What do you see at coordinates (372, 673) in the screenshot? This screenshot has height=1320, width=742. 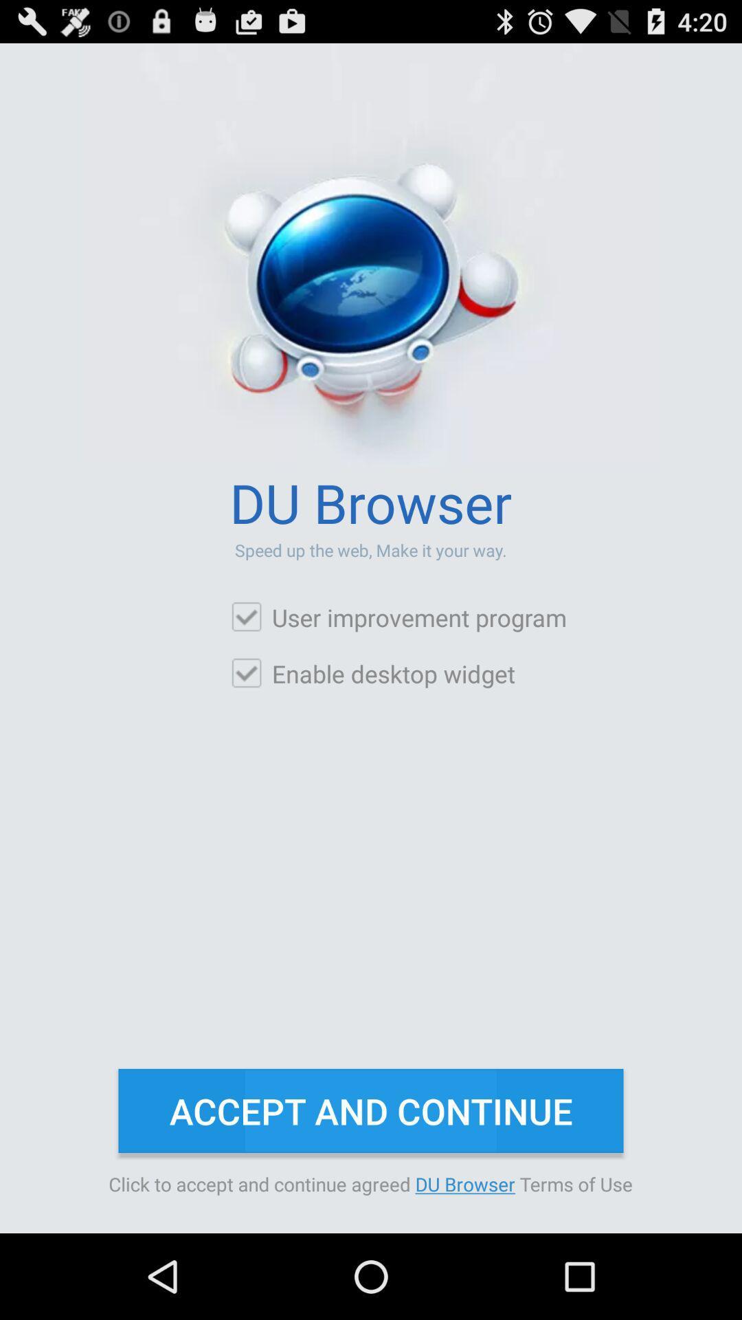 I see `enable desktop widget checkbox` at bounding box center [372, 673].